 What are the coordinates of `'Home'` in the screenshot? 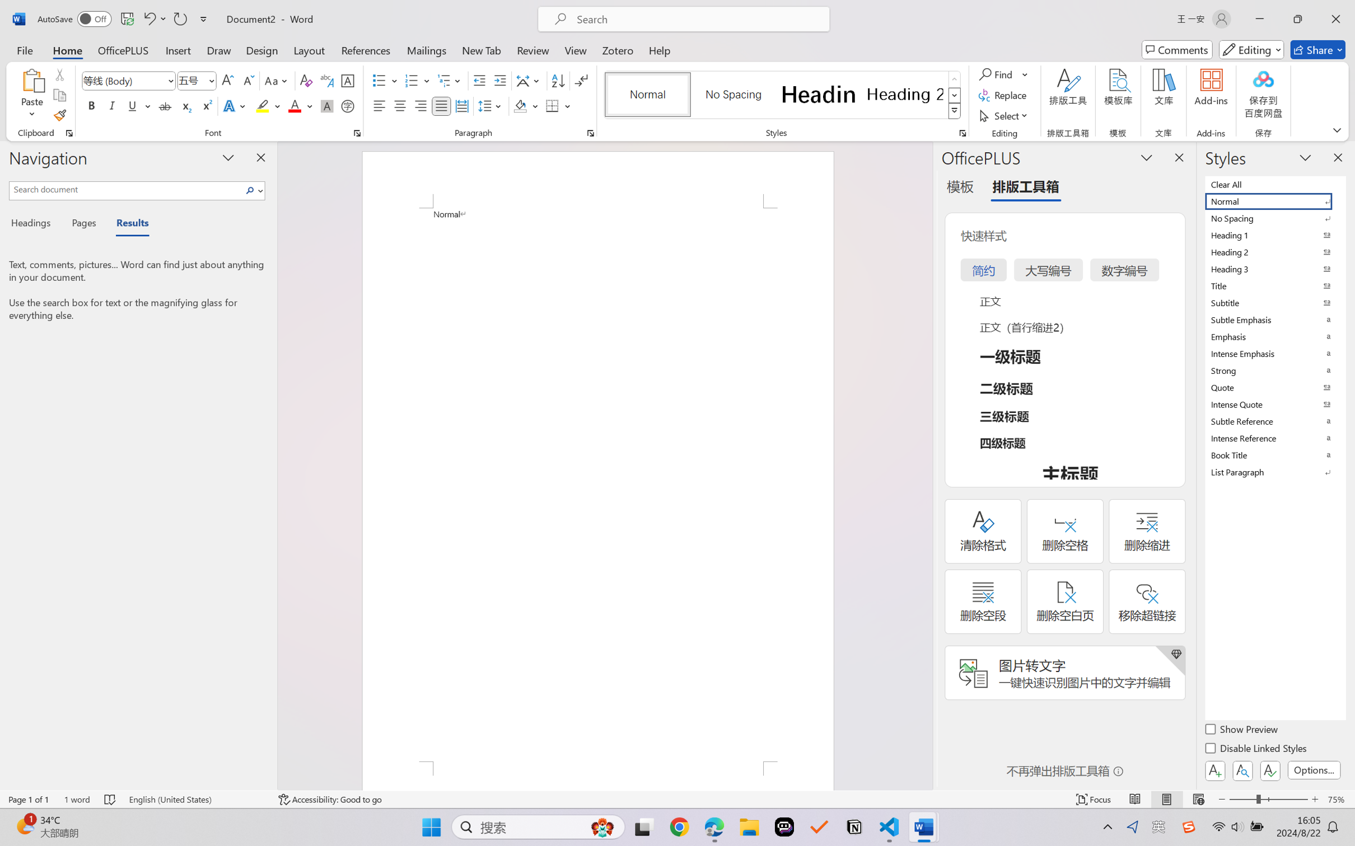 It's located at (68, 49).